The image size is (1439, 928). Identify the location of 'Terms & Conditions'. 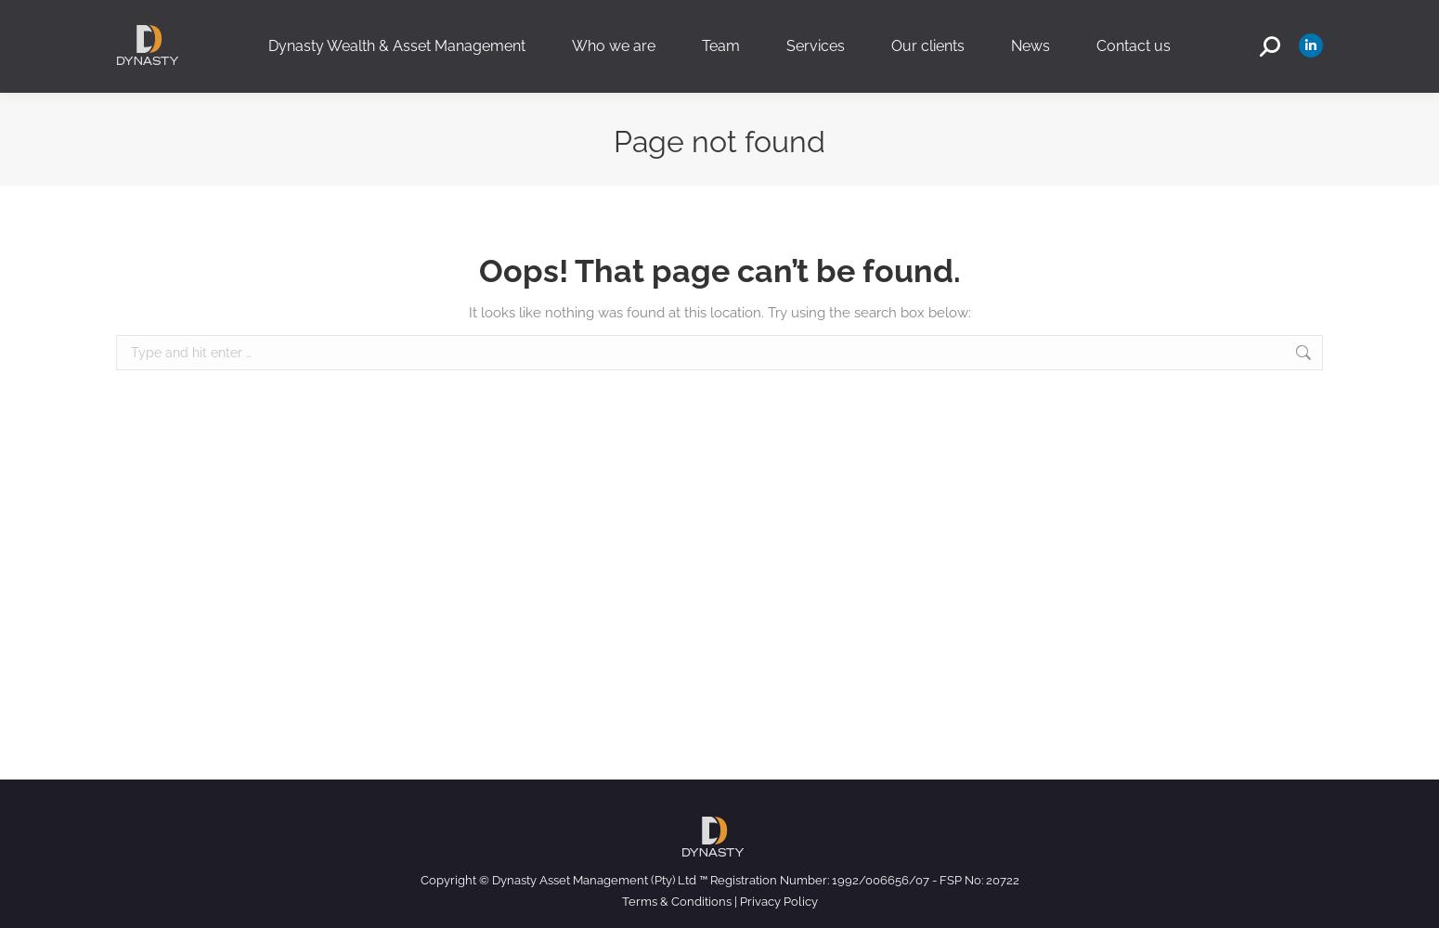
(676, 900).